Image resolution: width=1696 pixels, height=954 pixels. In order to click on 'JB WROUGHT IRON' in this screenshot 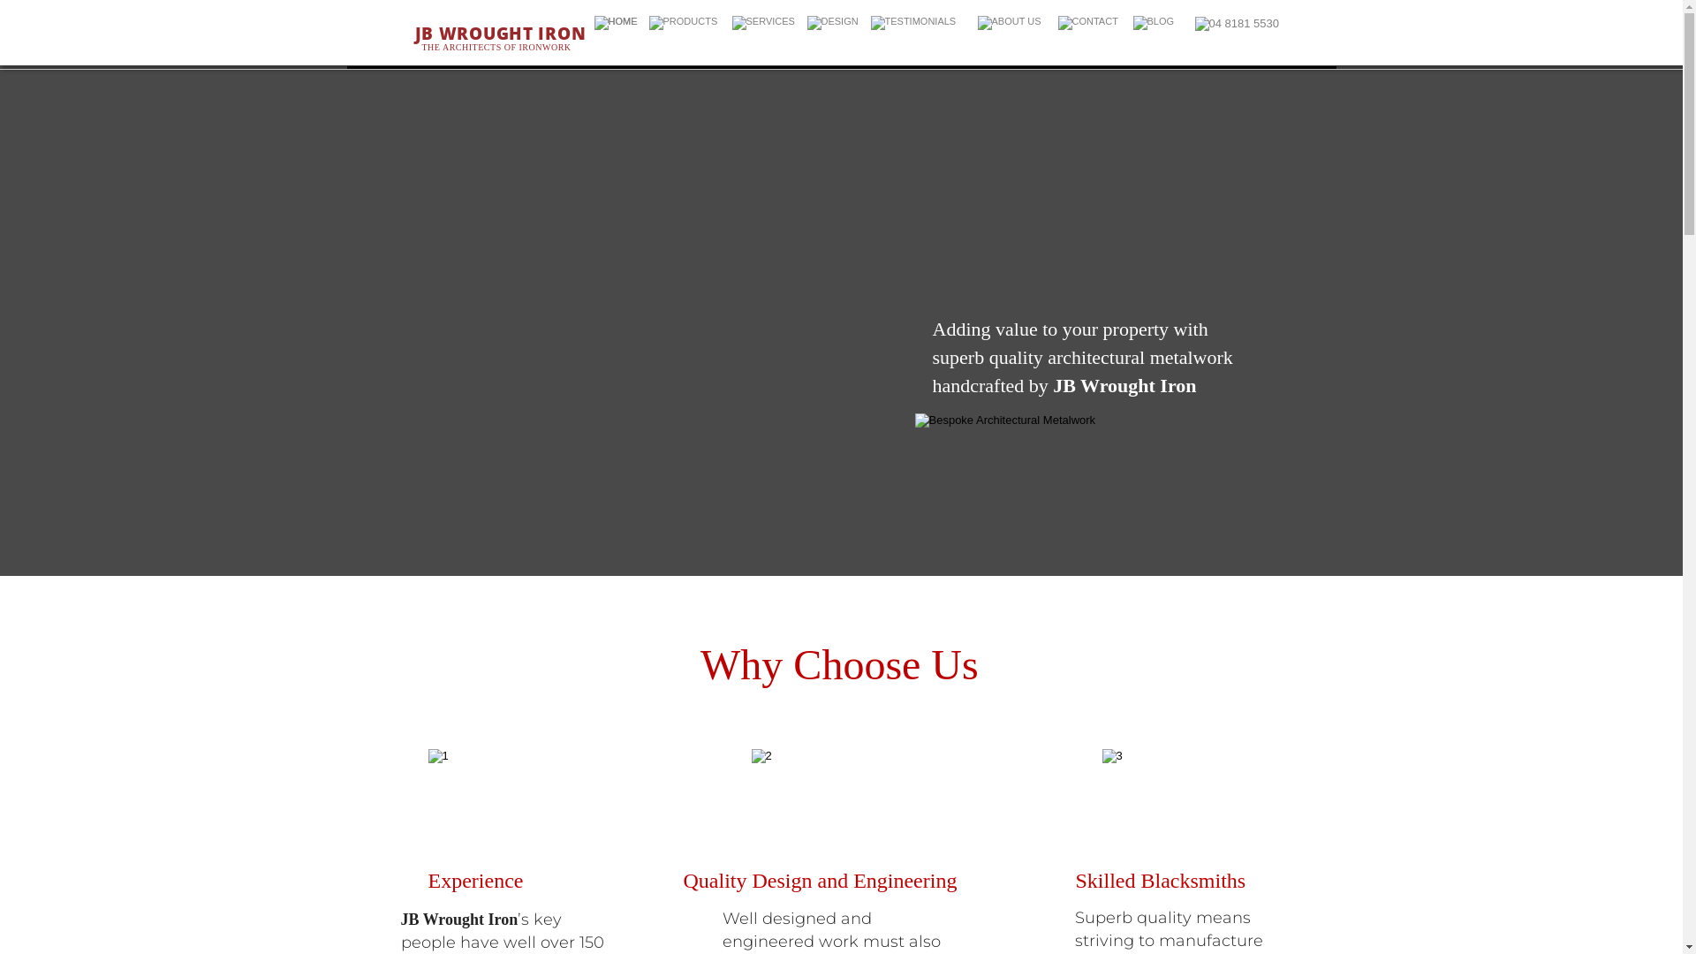, I will do `click(414, 34)`.